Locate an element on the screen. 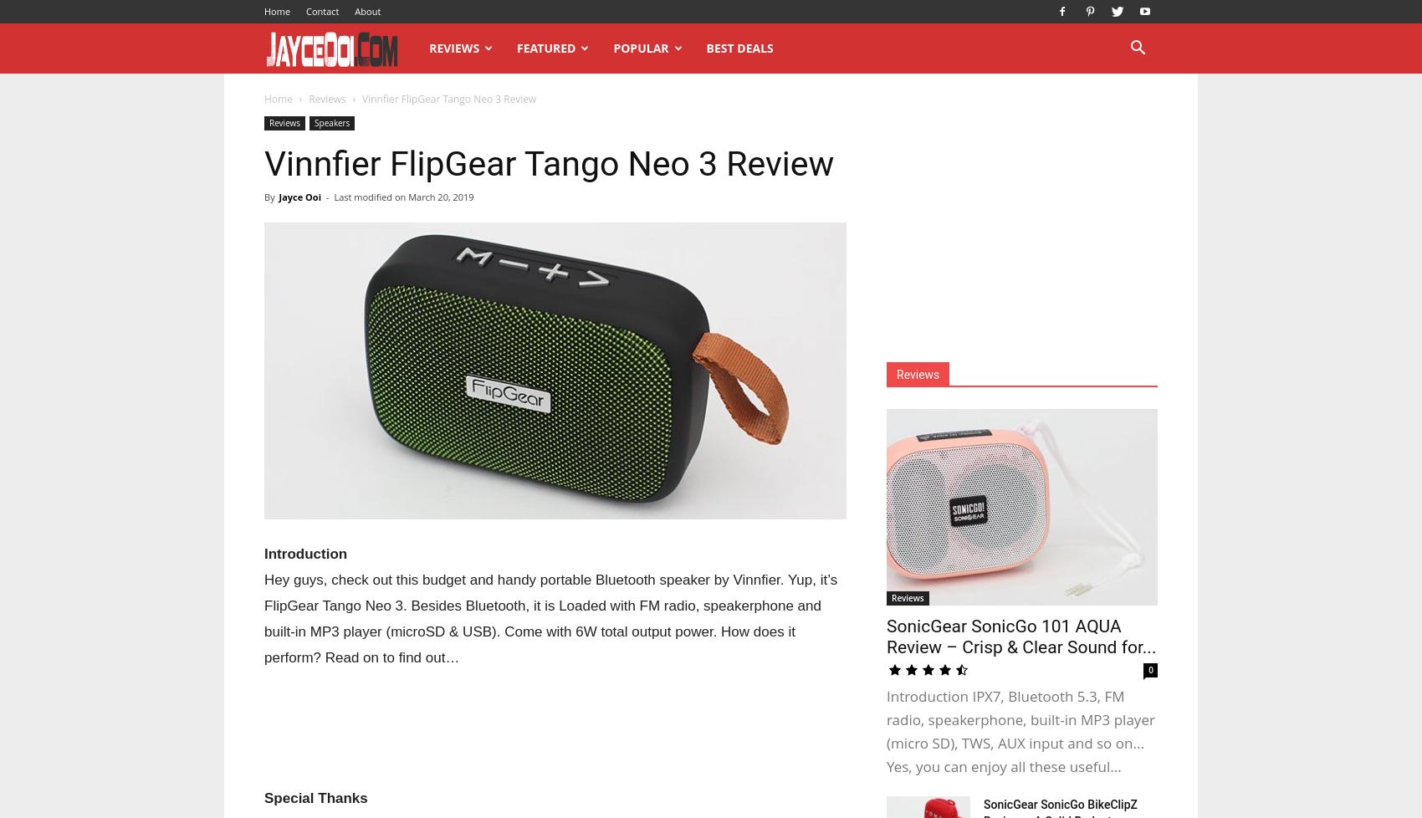 Image resolution: width=1422 pixels, height=818 pixels. 'Introduction
IPX7, Bluetooth 5.3, FM radio, speakerphone, built-in MP3 player (micro SD), TWS, AUX input and so on... Yes, you can enjoy all these useful...' is located at coordinates (1019, 730).